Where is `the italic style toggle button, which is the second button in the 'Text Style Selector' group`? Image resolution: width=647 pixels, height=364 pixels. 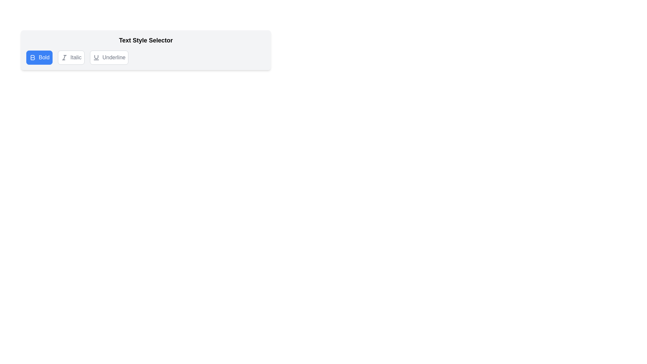
the italic style toggle button, which is the second button in the 'Text Style Selector' group is located at coordinates (71, 57).